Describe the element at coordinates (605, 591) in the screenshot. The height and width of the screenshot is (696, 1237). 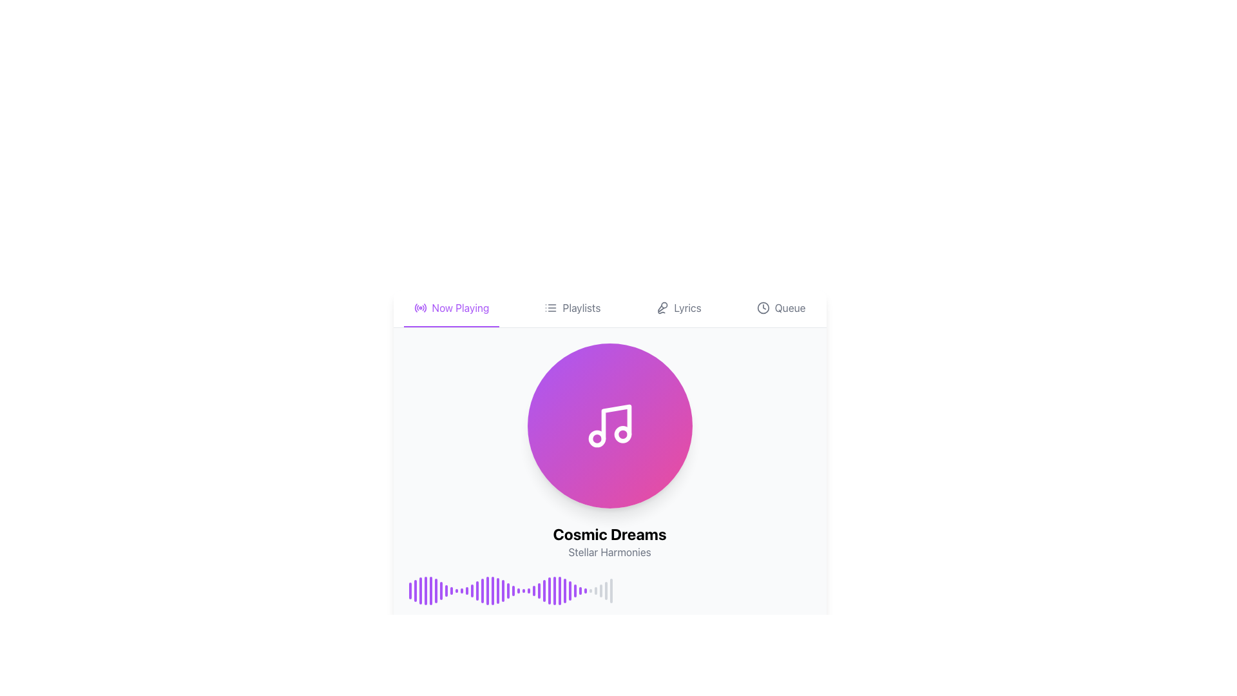
I see `the light gray progress or volume bar, which is a thin vertical bar with rounded edges, located in the lower part of the interface as the fifth bar from the right` at that location.